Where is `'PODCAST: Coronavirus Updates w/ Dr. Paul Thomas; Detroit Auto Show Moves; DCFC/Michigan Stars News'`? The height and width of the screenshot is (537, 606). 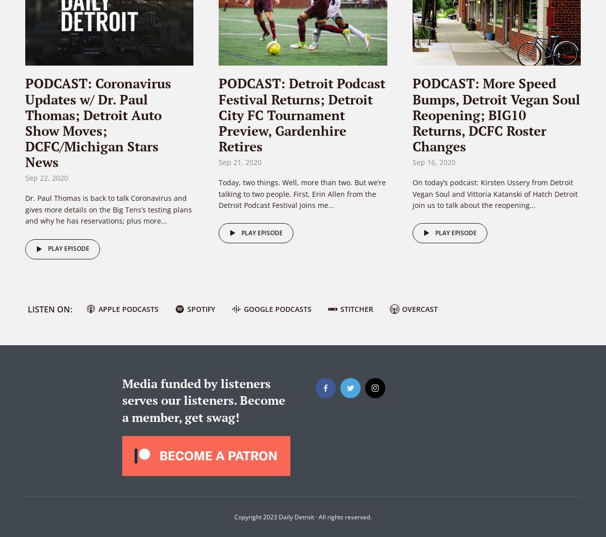
'PODCAST: Coronavirus Updates w/ Dr. Paul Thomas; Detroit Auto Show Moves; DCFC/Michigan Stars News' is located at coordinates (25, 123).